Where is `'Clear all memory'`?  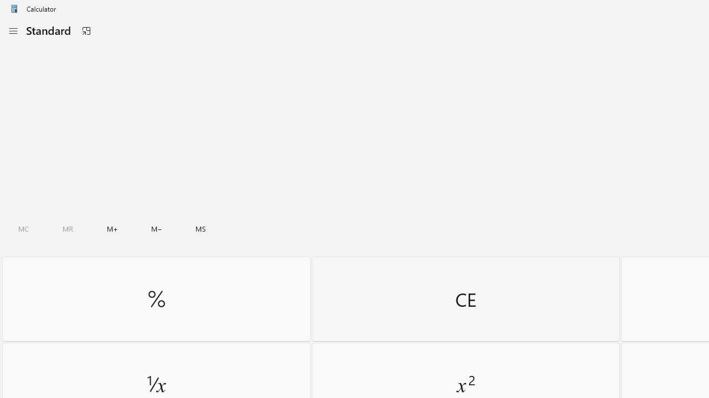
'Clear all memory' is located at coordinates (23, 228).